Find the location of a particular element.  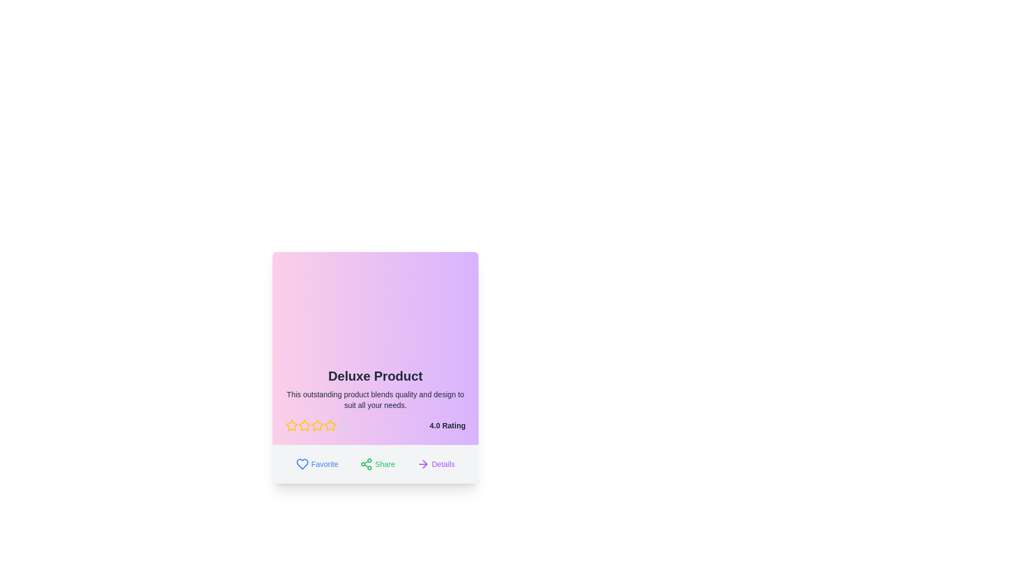

the 'Share' button located at the bottom of the product card is located at coordinates (377, 464).